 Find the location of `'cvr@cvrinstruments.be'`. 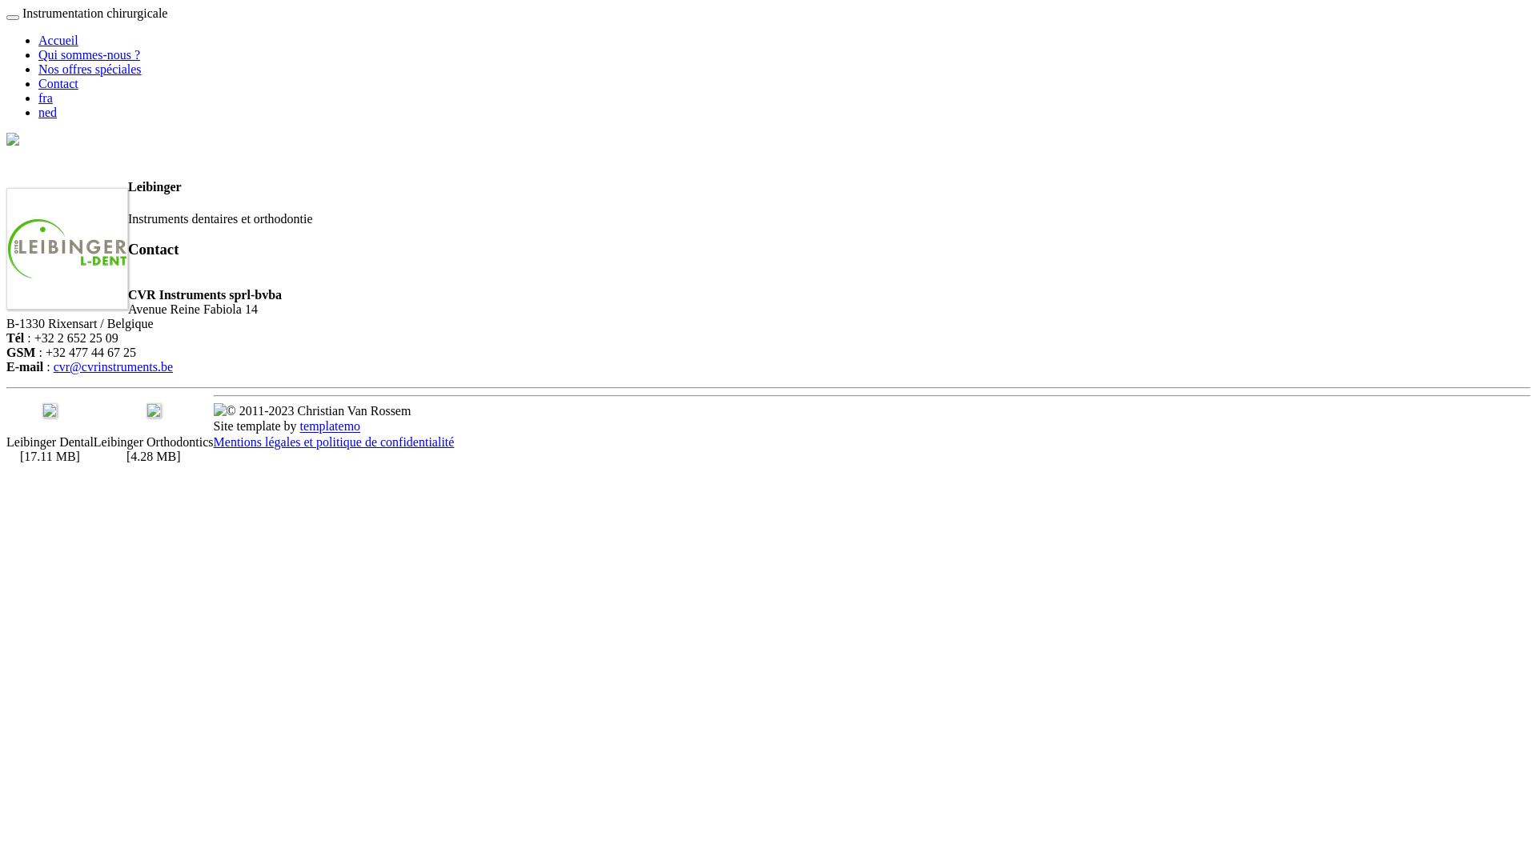

'cvr@cvrinstruments.be' is located at coordinates (112, 366).